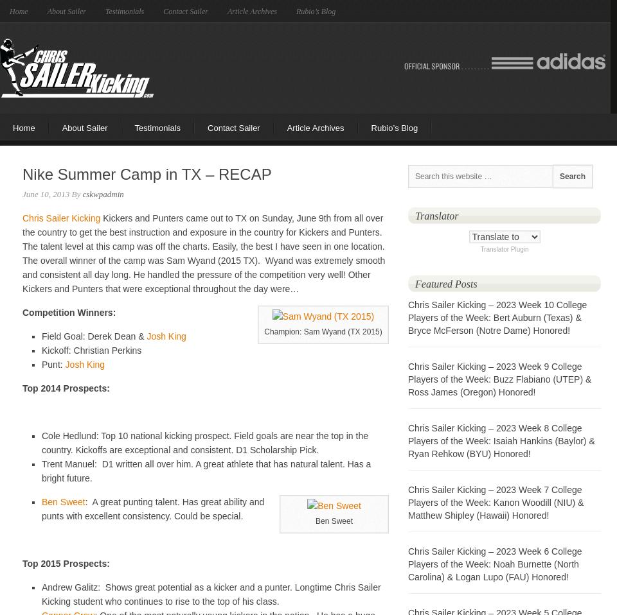  Describe the element at coordinates (91, 349) in the screenshot. I see `'Kickoff: Christian Perkins'` at that location.